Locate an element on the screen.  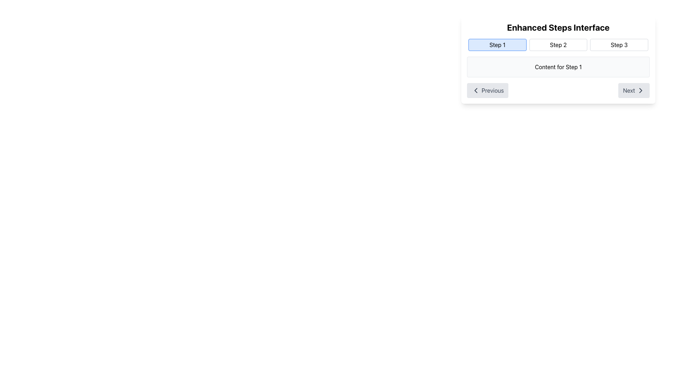
the 'Step 3' button, which is a rectangular UI component with a white background, gray border, and rounded corners is located at coordinates (619, 45).